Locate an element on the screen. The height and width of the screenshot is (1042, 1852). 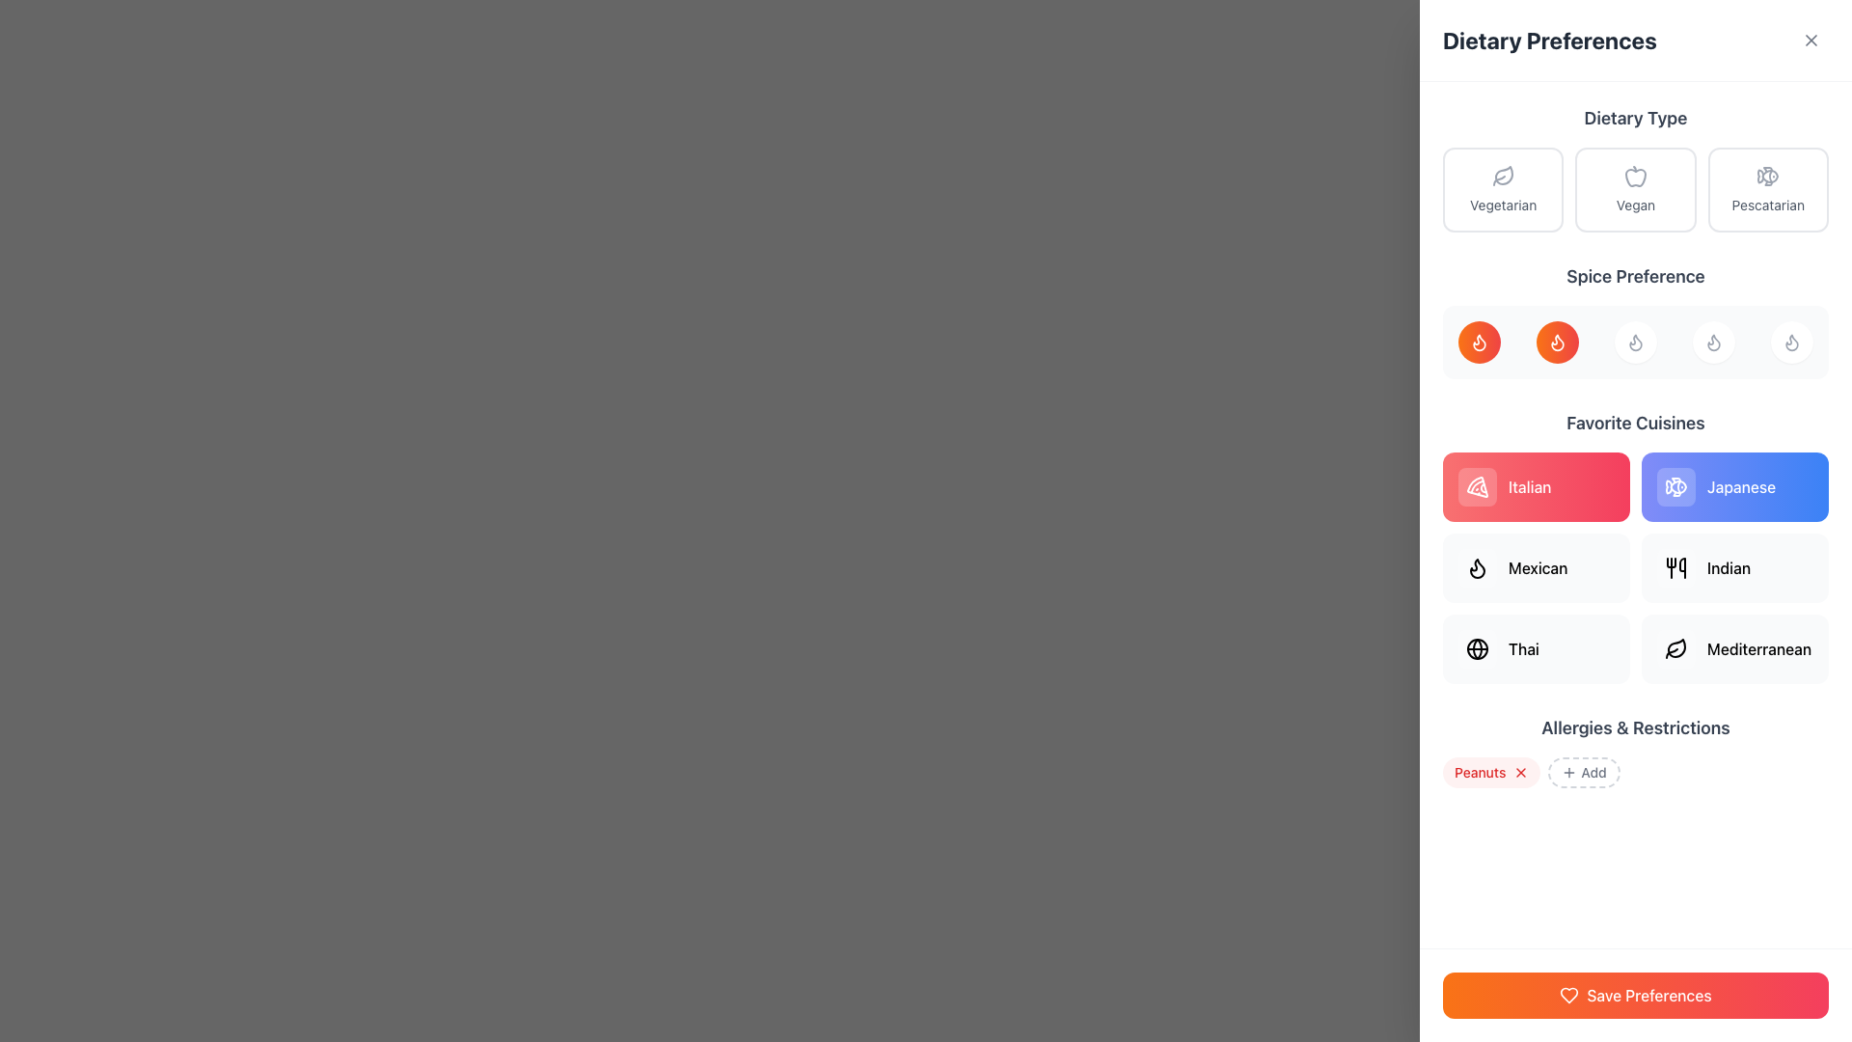
the button is located at coordinates (1536, 648).